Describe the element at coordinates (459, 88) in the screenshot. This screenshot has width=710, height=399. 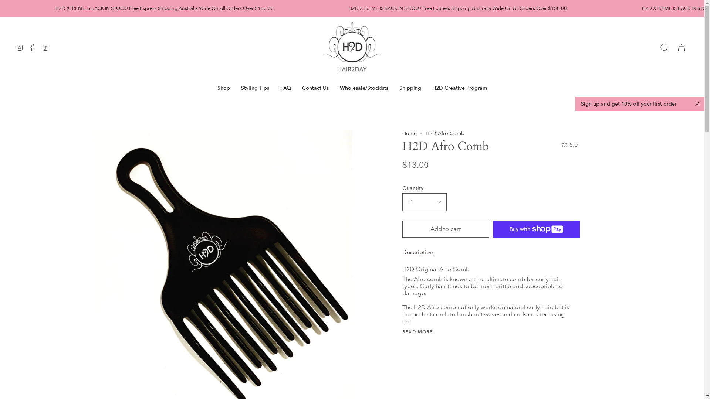
I see `'H2D Creative Program'` at that location.